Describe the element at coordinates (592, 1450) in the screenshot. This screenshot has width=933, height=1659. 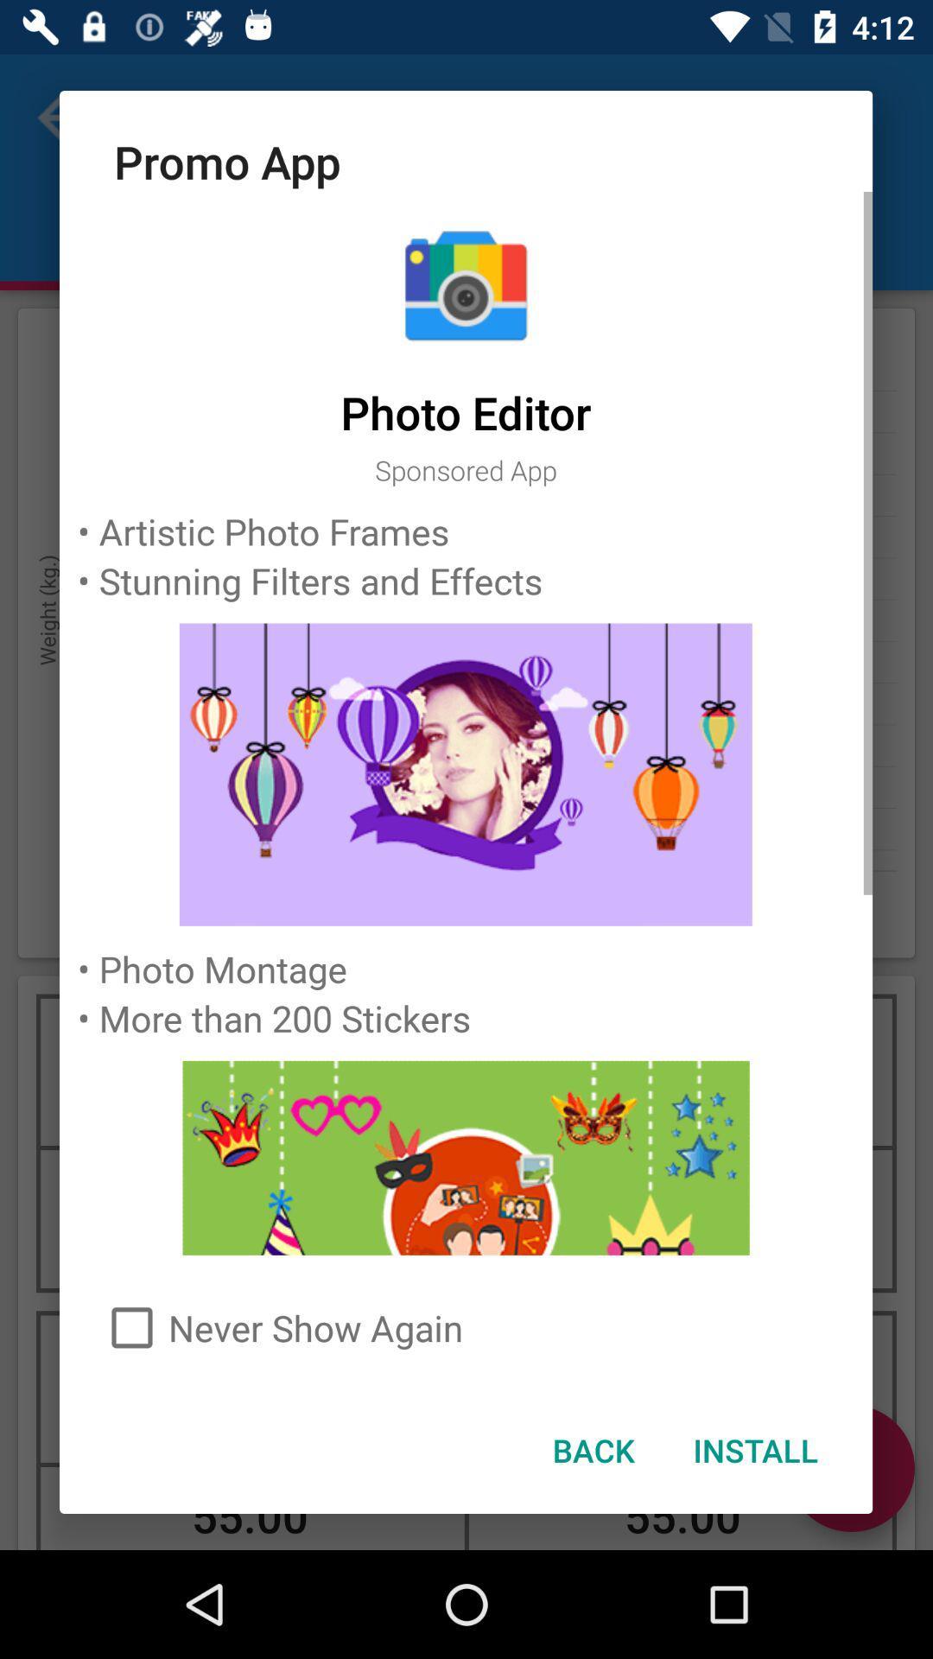
I see `back` at that location.